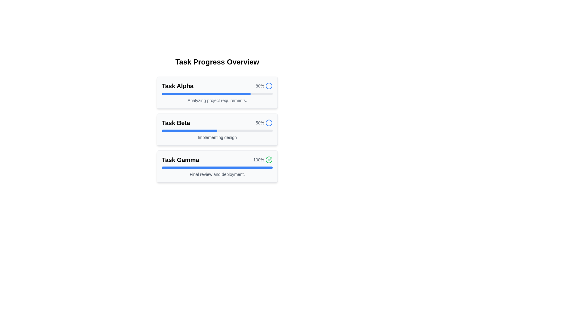  What do you see at coordinates (268, 86) in the screenshot?
I see `the Circle element in the SVG graphic that represents task progress for 'Task Beta', located in the second row` at bounding box center [268, 86].